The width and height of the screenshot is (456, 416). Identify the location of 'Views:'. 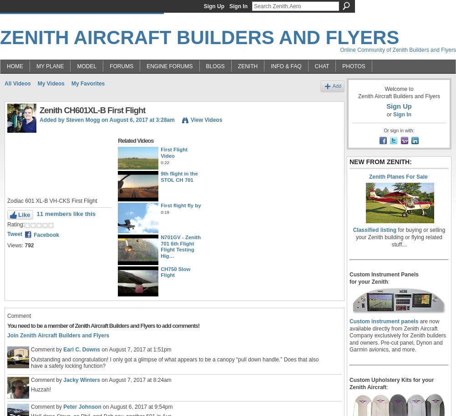
(7, 246).